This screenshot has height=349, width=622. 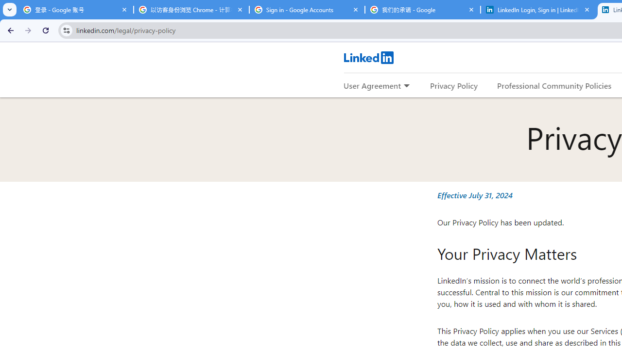 I want to click on 'User Agreement', so click(x=372, y=85).